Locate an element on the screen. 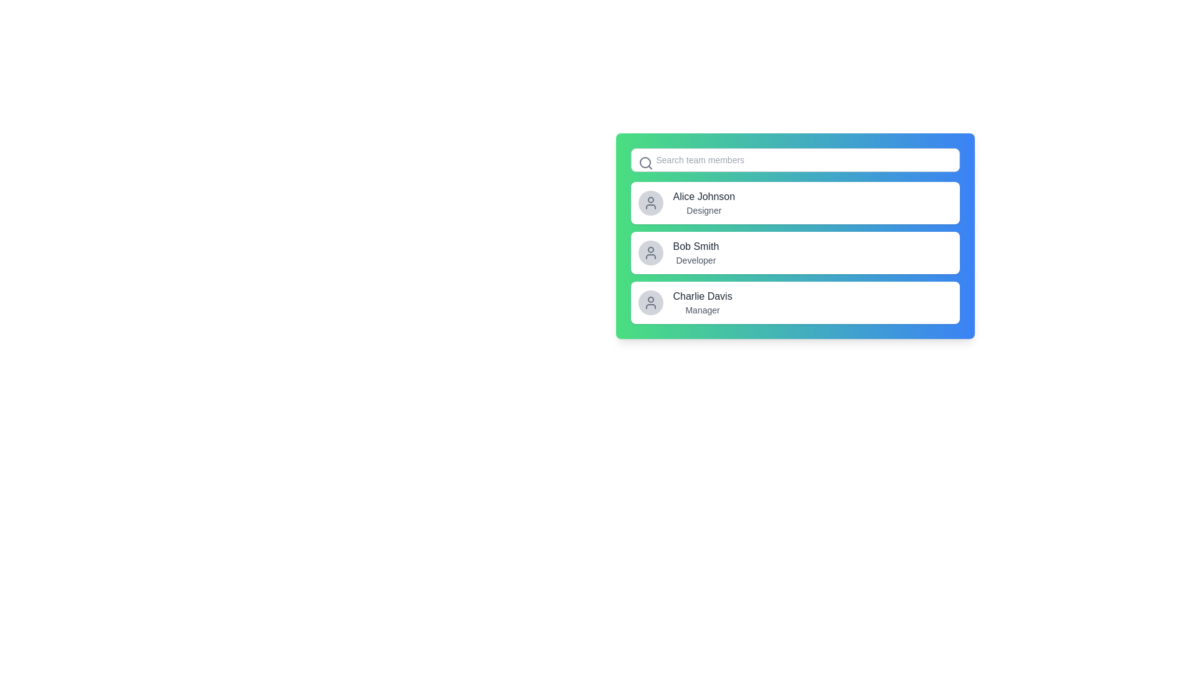 The width and height of the screenshot is (1196, 673). the text label providing additional information about user 'Alice Johnson' indicating their role as 'Designer', located below the name in the user information section is located at coordinates (704, 210).